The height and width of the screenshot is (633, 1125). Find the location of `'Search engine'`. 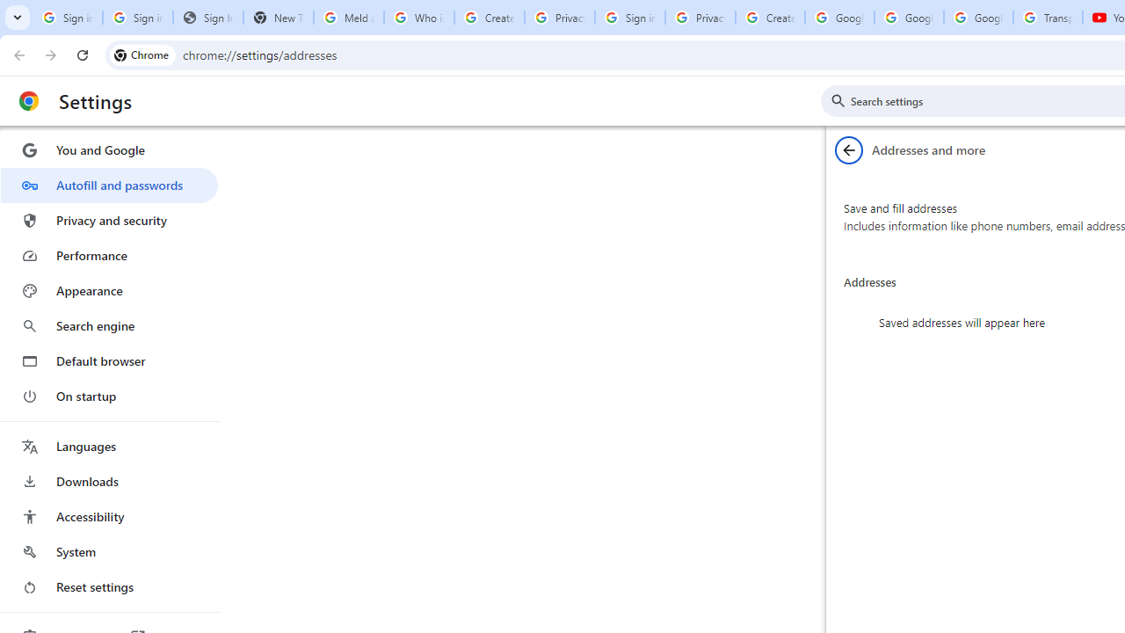

'Search engine' is located at coordinates (108, 326).